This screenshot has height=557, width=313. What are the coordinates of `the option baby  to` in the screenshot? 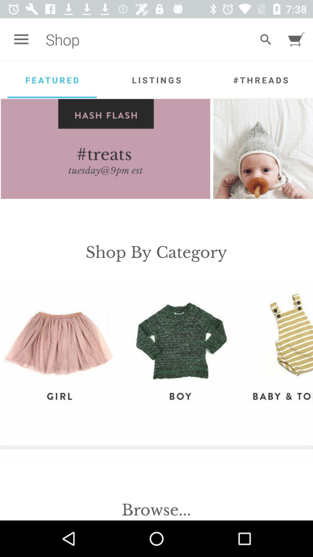 It's located at (278, 344).